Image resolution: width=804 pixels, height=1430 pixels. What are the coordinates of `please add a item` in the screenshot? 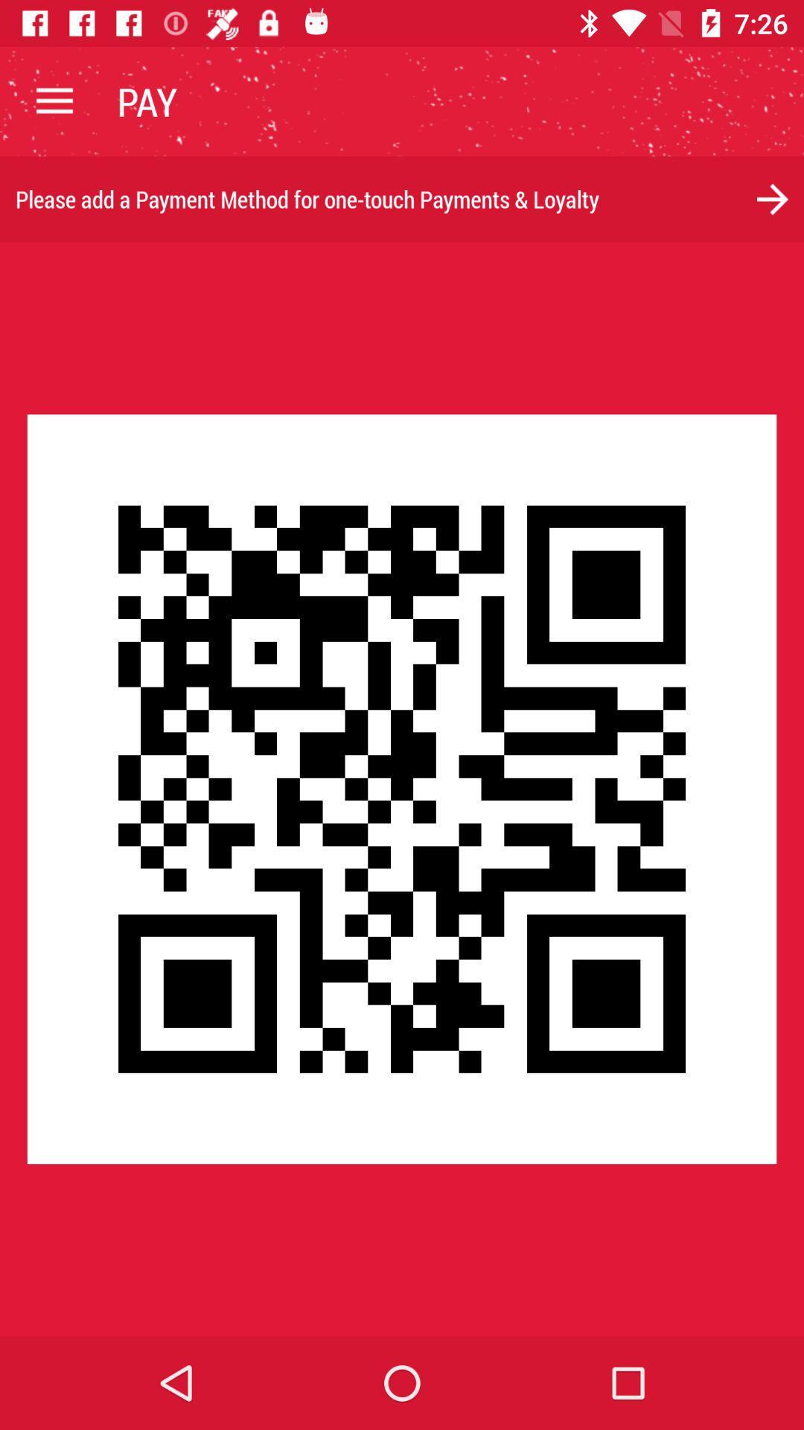 It's located at (402, 198).